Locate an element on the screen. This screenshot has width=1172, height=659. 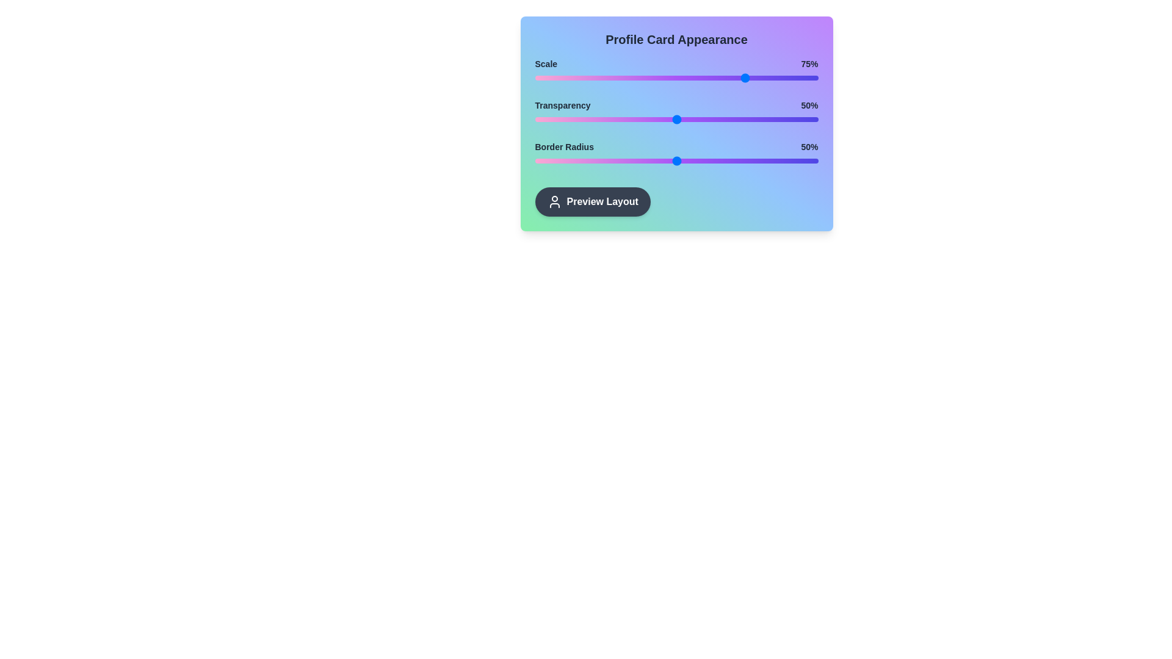
the user profile icon located is located at coordinates (554, 201).